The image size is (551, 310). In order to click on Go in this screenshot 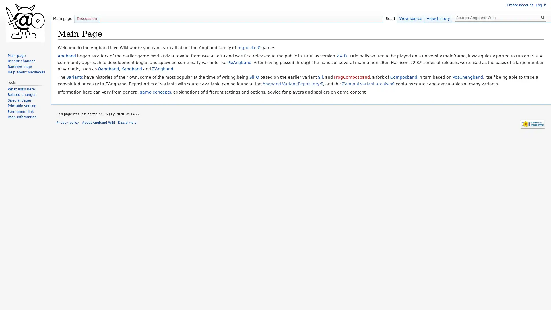, I will do `click(542, 17)`.